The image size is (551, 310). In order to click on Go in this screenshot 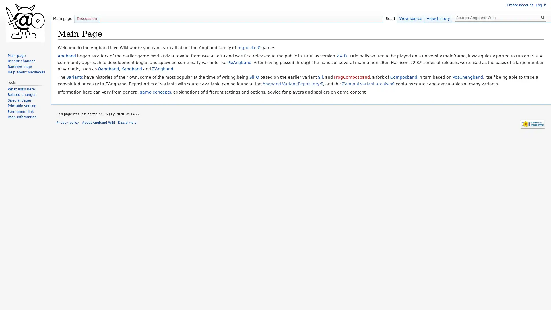, I will do `click(542, 17)`.